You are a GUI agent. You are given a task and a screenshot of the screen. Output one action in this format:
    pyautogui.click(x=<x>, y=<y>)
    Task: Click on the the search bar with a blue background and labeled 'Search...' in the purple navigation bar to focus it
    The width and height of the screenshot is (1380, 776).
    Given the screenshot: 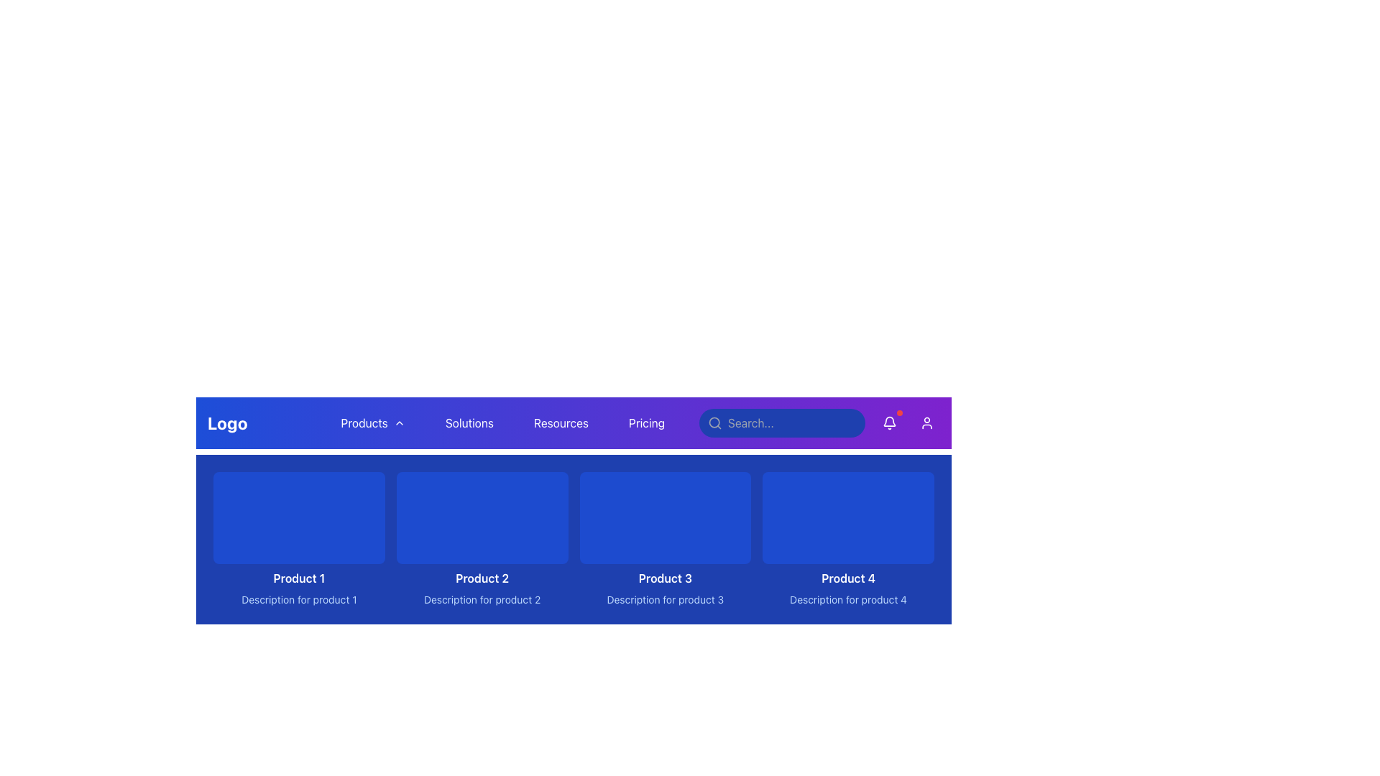 What is the action you would take?
    pyautogui.click(x=819, y=422)
    